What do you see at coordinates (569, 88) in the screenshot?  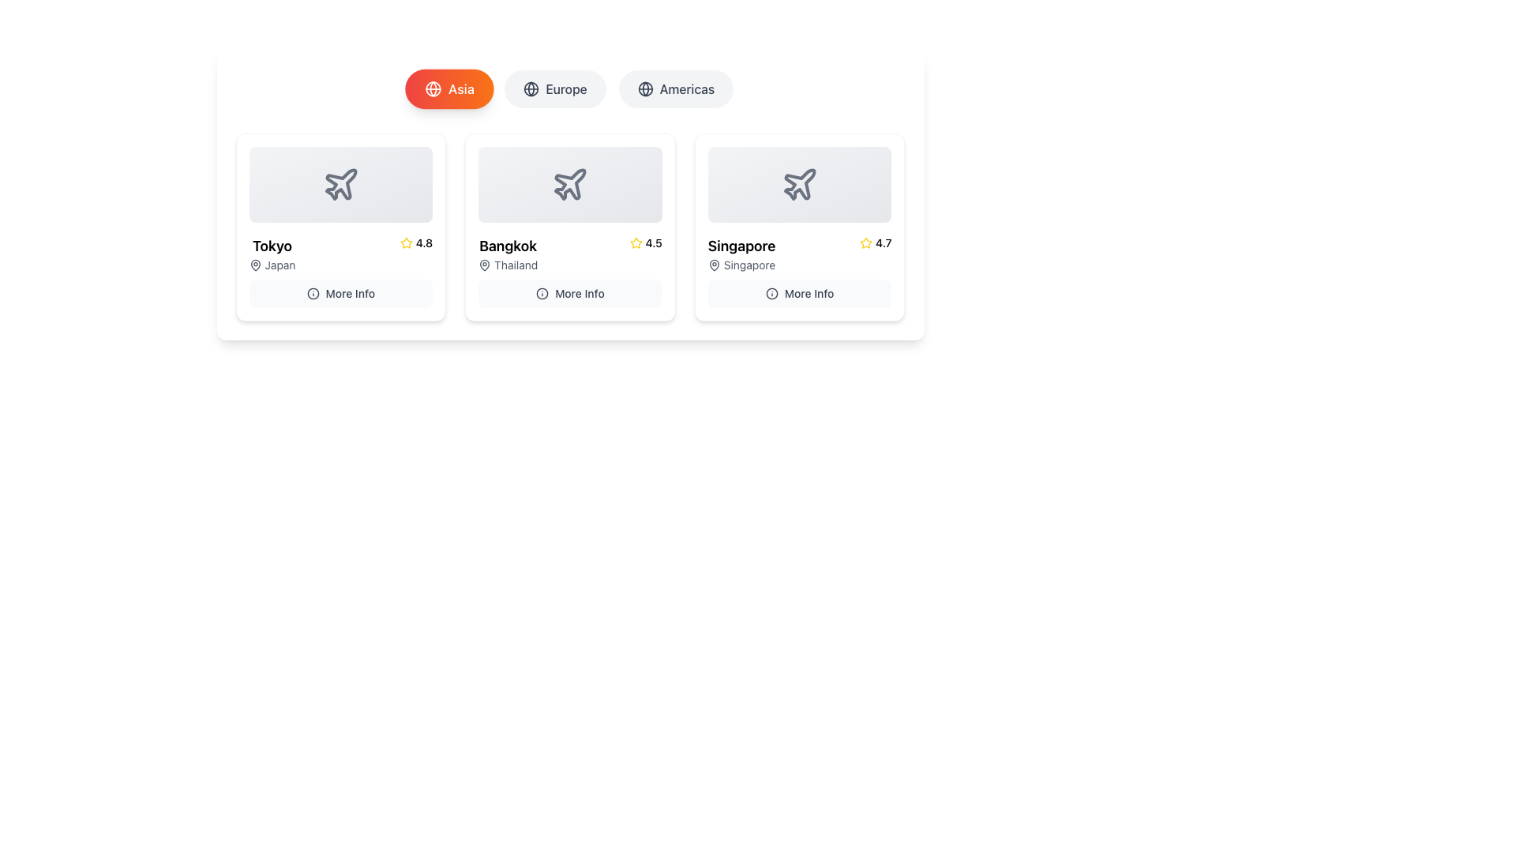 I see `the navigation button for Europe, which is the second button in a three-button group located centrally in the top section of the interface` at bounding box center [569, 88].